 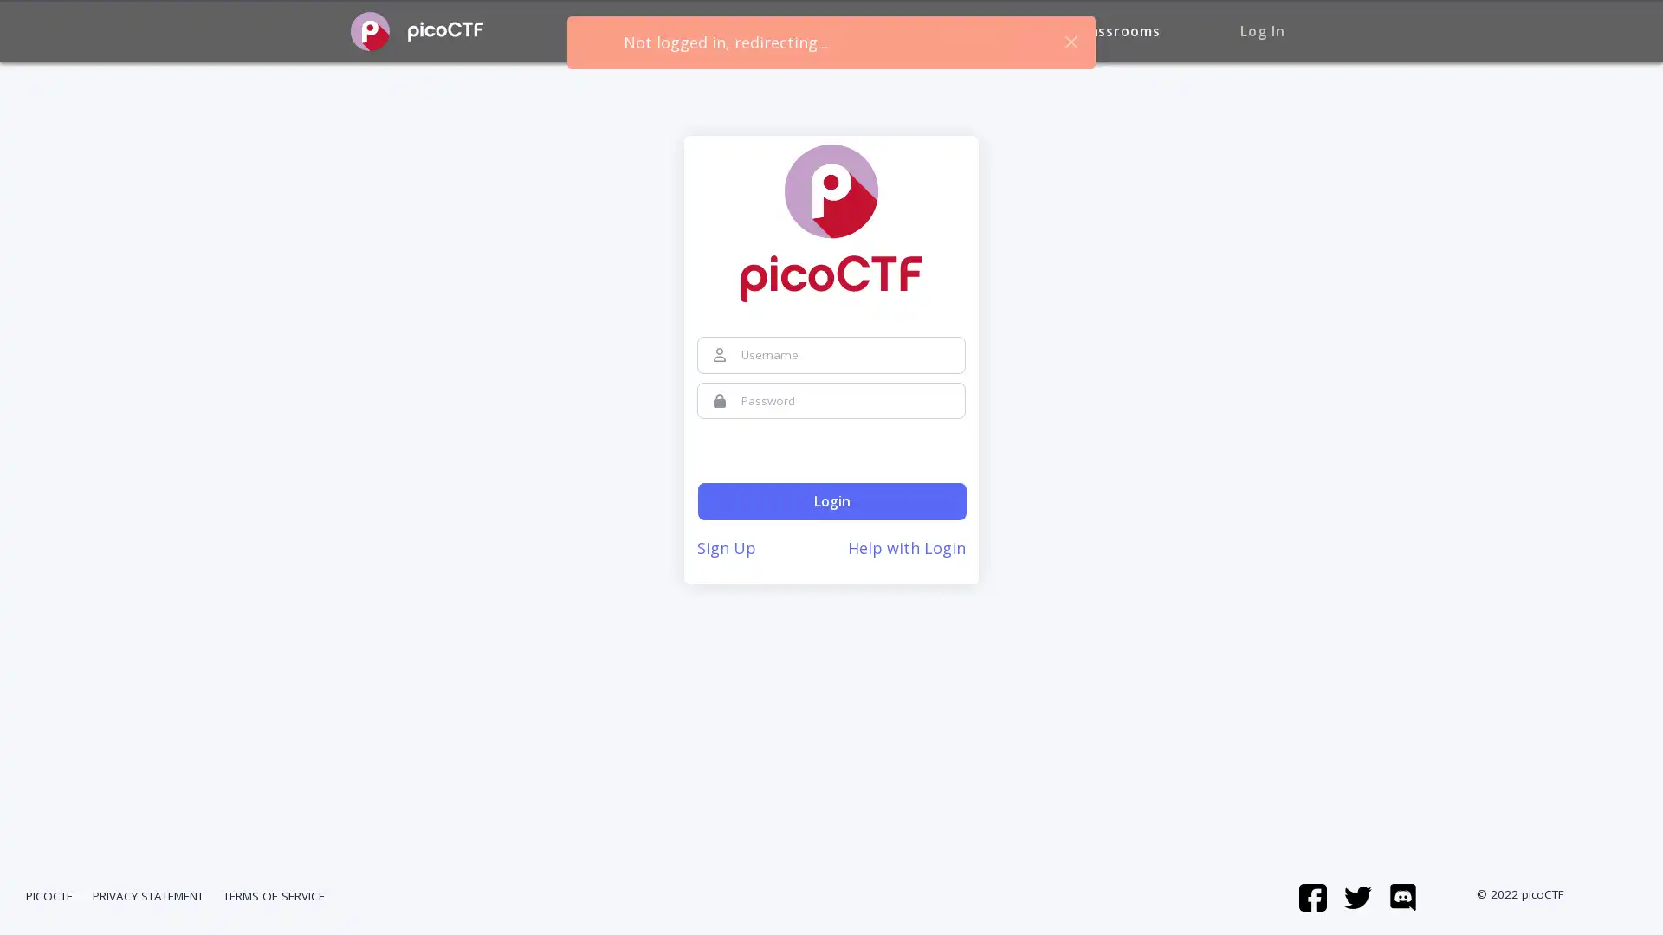 I want to click on Close, so click(x=1070, y=41).